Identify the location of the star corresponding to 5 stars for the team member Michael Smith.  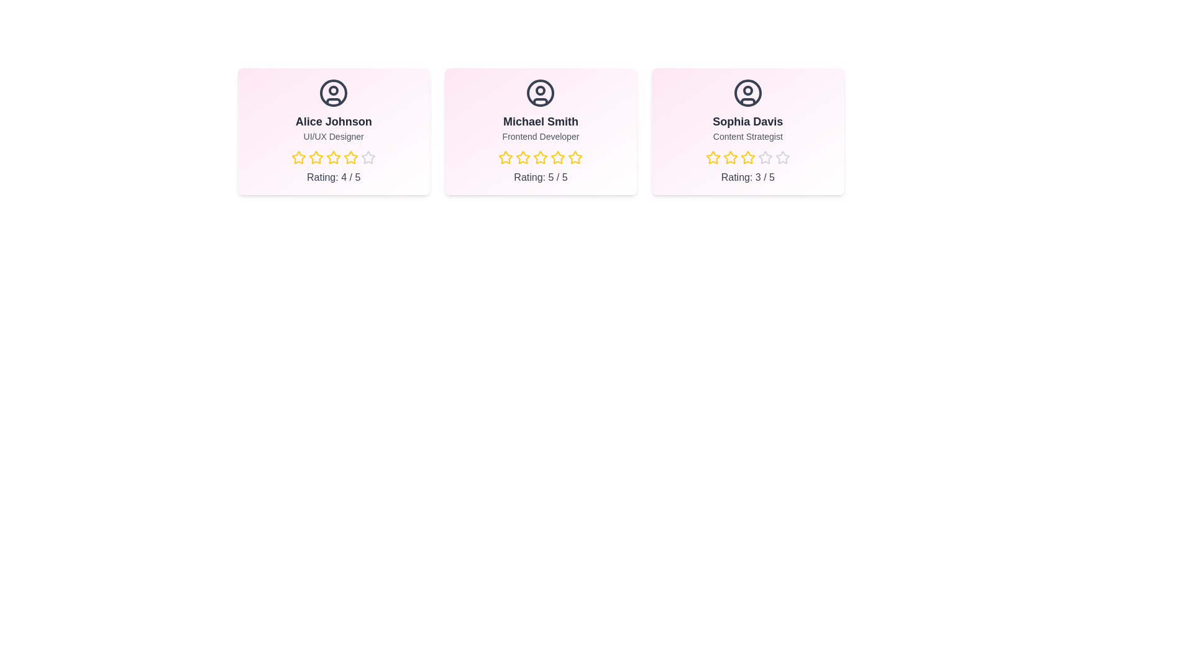
(575, 157).